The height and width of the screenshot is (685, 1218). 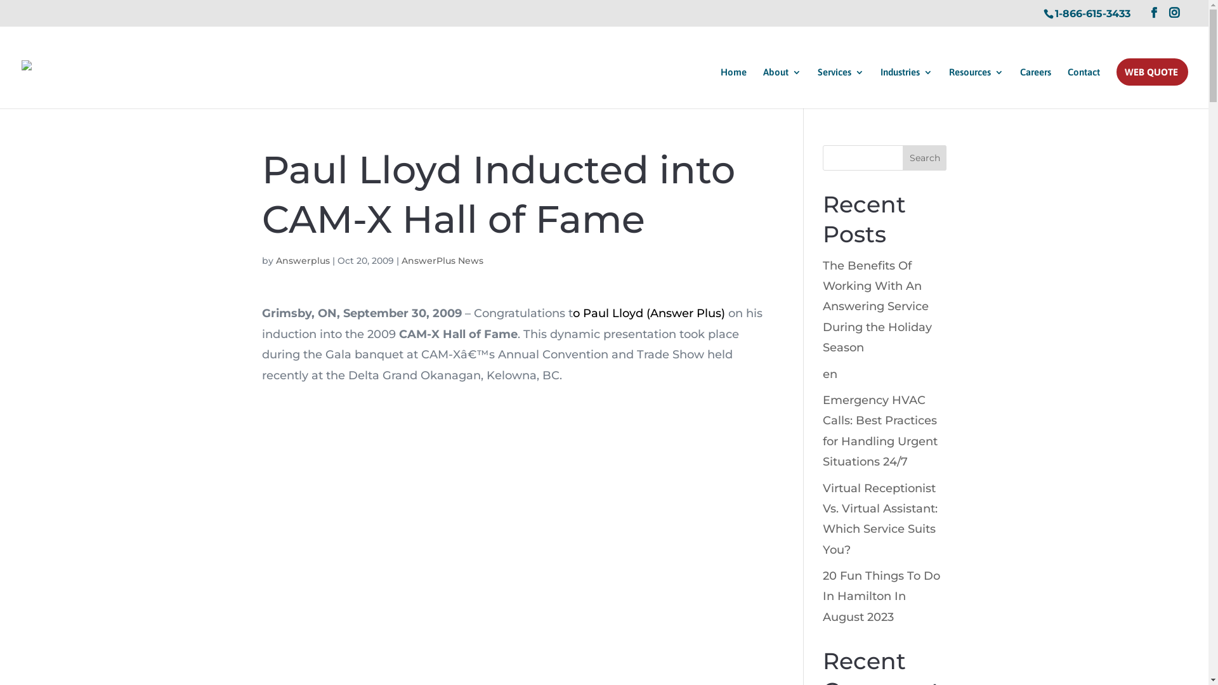 What do you see at coordinates (782, 87) in the screenshot?
I see `'About'` at bounding box center [782, 87].